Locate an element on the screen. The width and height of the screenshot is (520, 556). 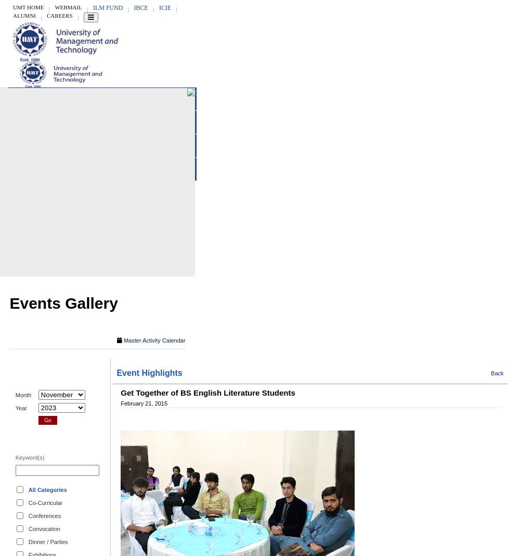
'All Categories' is located at coordinates (47, 489).